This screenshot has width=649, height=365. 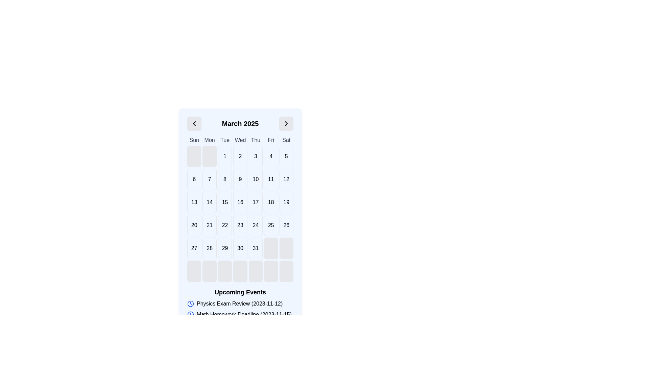 What do you see at coordinates (271, 179) in the screenshot?
I see `the interactive calendar day cell containing the number '11'` at bounding box center [271, 179].